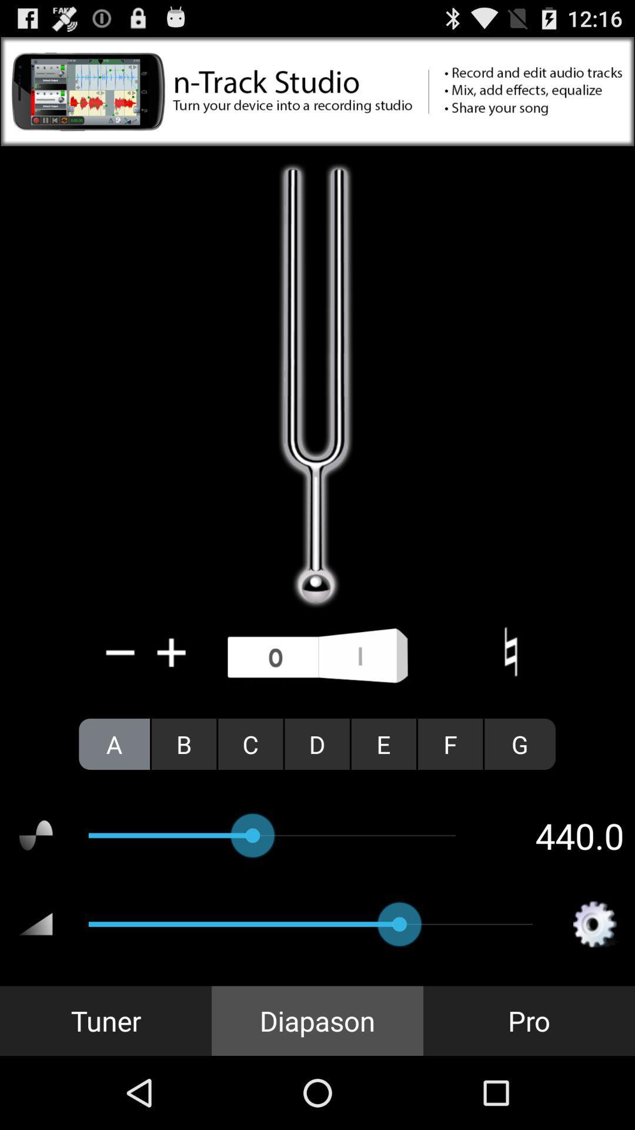 The width and height of the screenshot is (635, 1130). What do you see at coordinates (316, 743) in the screenshot?
I see `icon next to e` at bounding box center [316, 743].